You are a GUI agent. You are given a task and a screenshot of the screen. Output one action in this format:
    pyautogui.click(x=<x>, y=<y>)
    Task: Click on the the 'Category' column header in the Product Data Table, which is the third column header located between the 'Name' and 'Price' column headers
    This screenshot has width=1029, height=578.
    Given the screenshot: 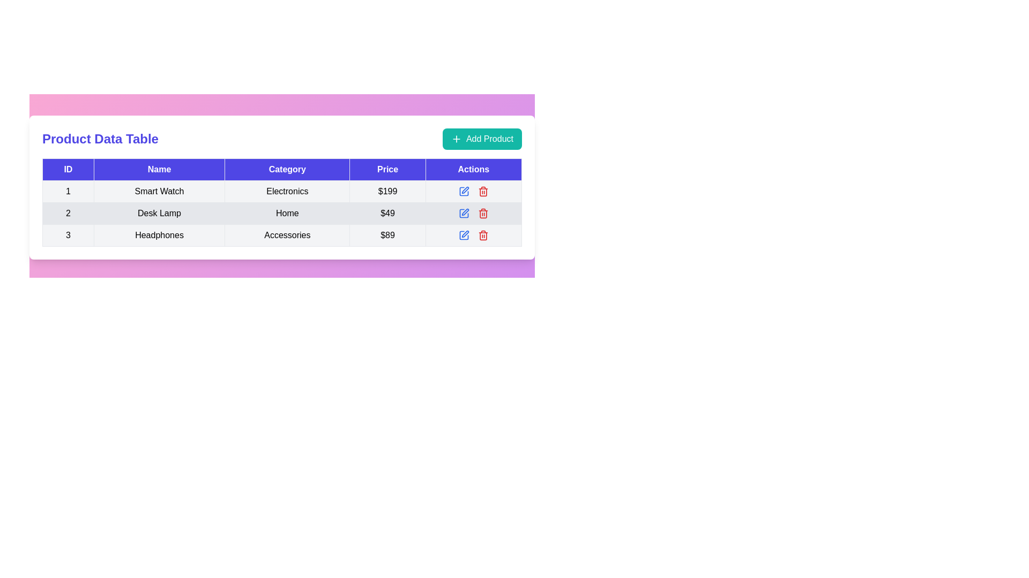 What is the action you would take?
    pyautogui.click(x=282, y=169)
    